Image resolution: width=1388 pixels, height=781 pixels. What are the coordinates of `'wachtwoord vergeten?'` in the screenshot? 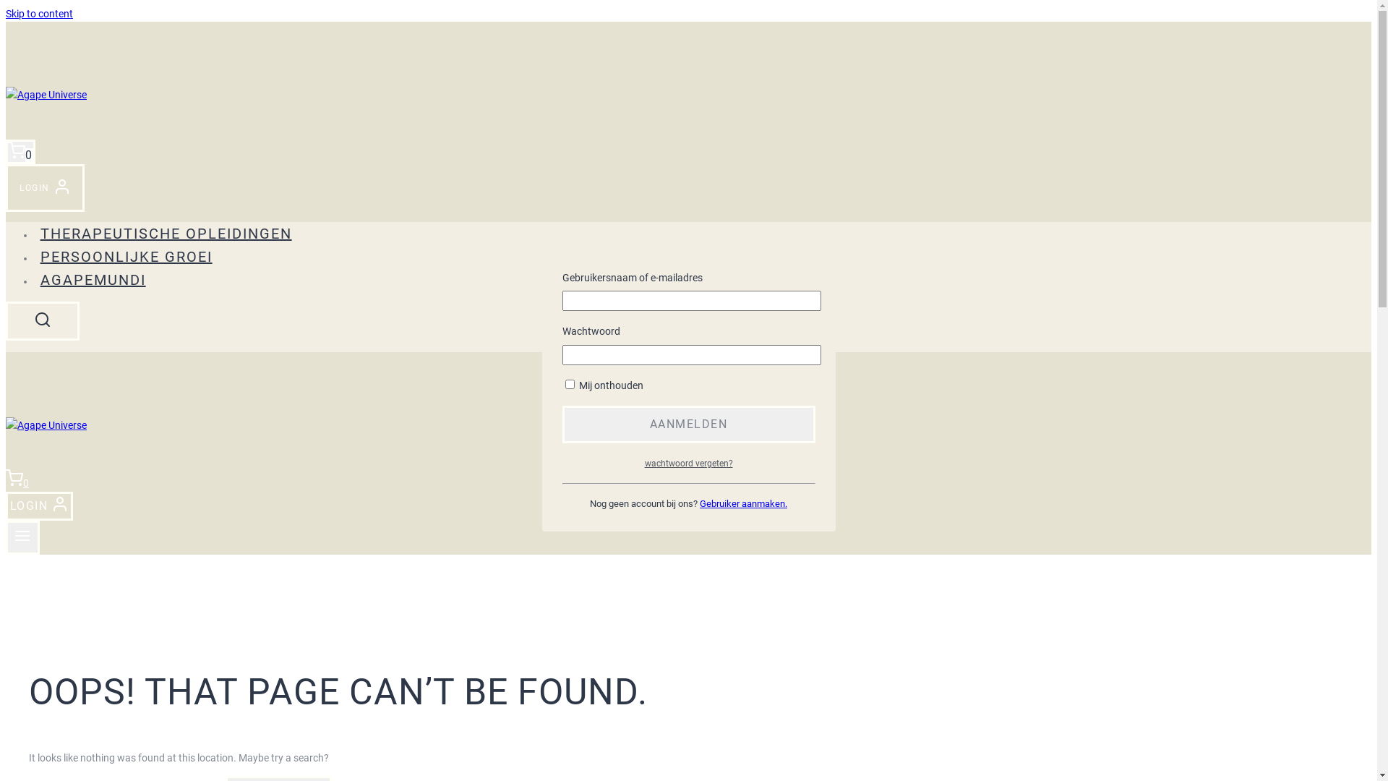 It's located at (688, 463).